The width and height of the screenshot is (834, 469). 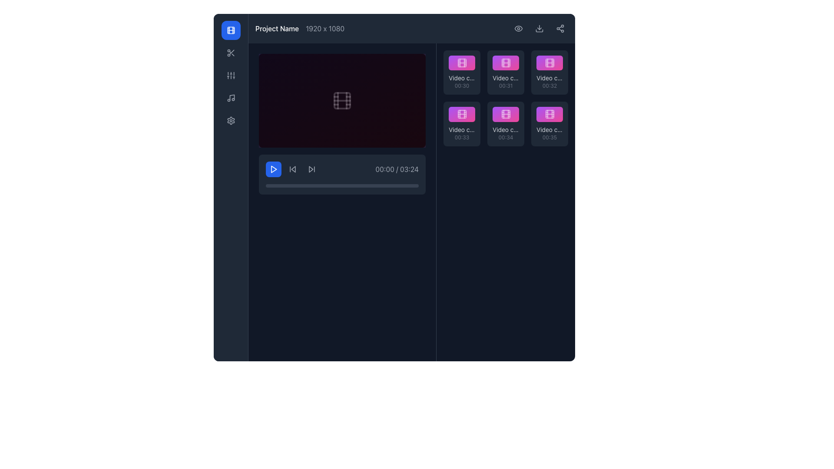 What do you see at coordinates (312, 169) in the screenshot?
I see `the skip-forward button located to the right of the previous media control icon` at bounding box center [312, 169].